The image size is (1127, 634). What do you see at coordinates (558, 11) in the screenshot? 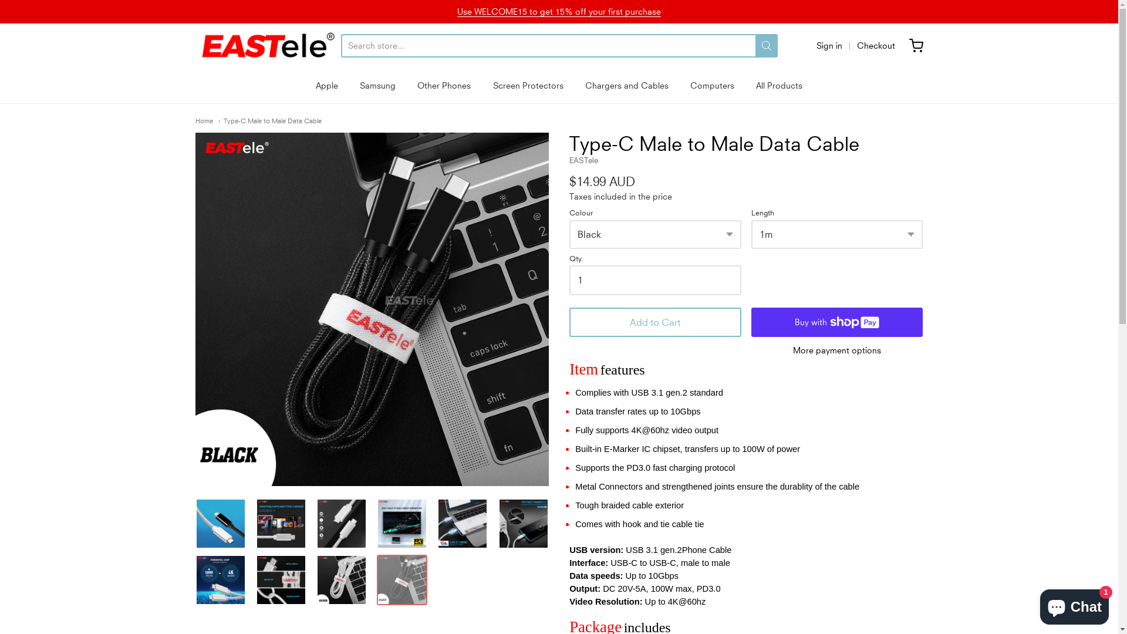
I see `'Use WELCOME15 to get 15% off your first purchase'` at bounding box center [558, 11].